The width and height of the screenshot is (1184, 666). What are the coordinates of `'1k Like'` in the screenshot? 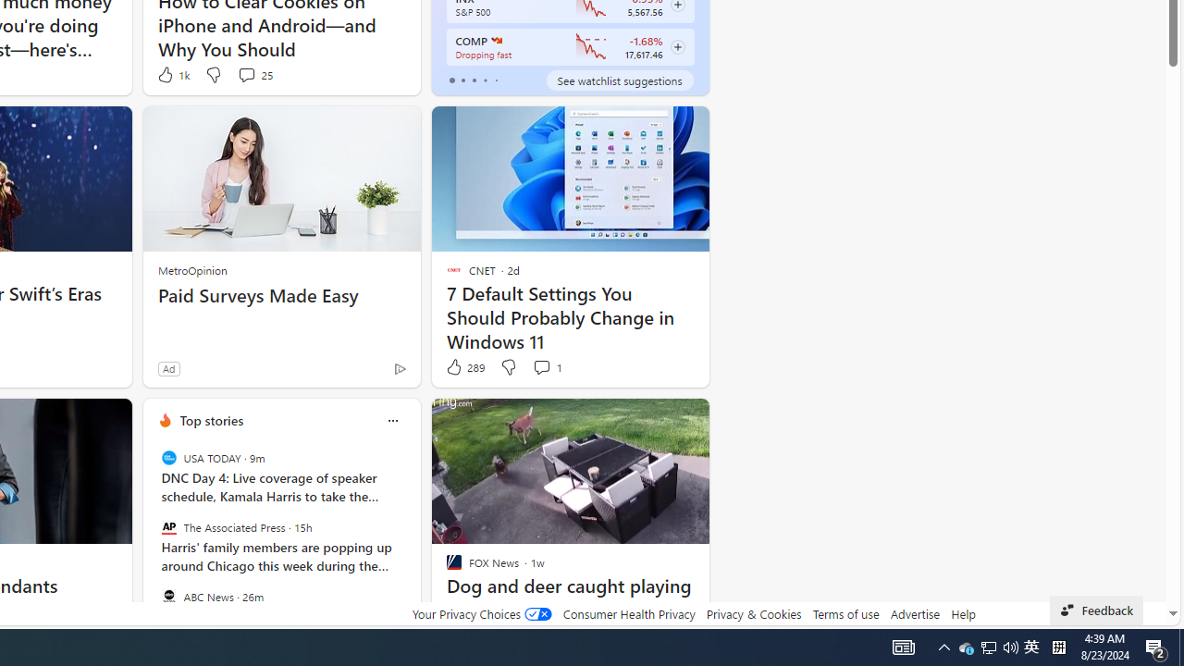 It's located at (172, 74).